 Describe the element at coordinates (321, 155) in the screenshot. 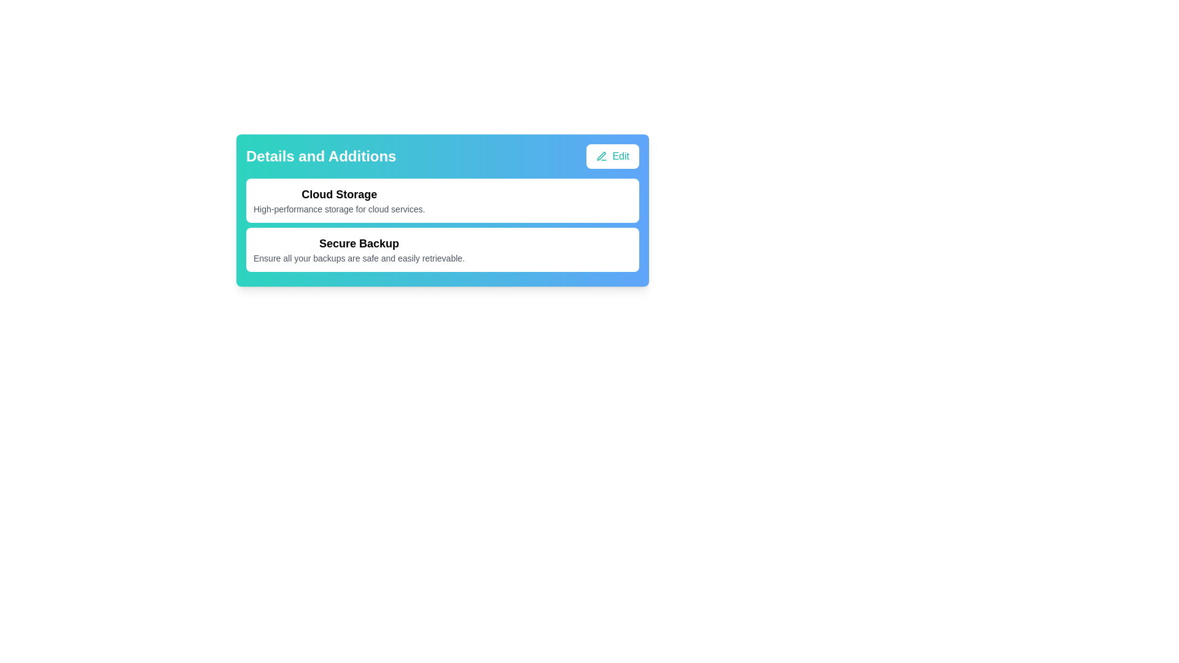

I see `the text label that serves as the title or heading of the section in the card interface, located at the top of the card and adjacent to the 'Edit' button` at that location.